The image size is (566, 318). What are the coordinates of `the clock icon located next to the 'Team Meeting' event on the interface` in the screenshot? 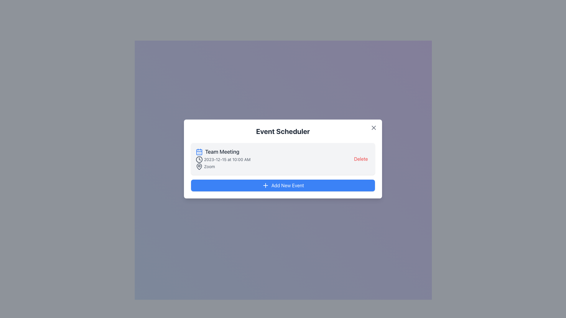 It's located at (199, 160).